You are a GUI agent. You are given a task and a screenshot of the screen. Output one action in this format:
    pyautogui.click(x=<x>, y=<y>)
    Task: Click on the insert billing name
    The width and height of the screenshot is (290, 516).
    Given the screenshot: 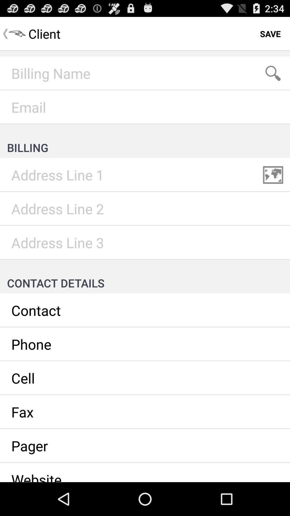 What is the action you would take?
    pyautogui.click(x=145, y=73)
    